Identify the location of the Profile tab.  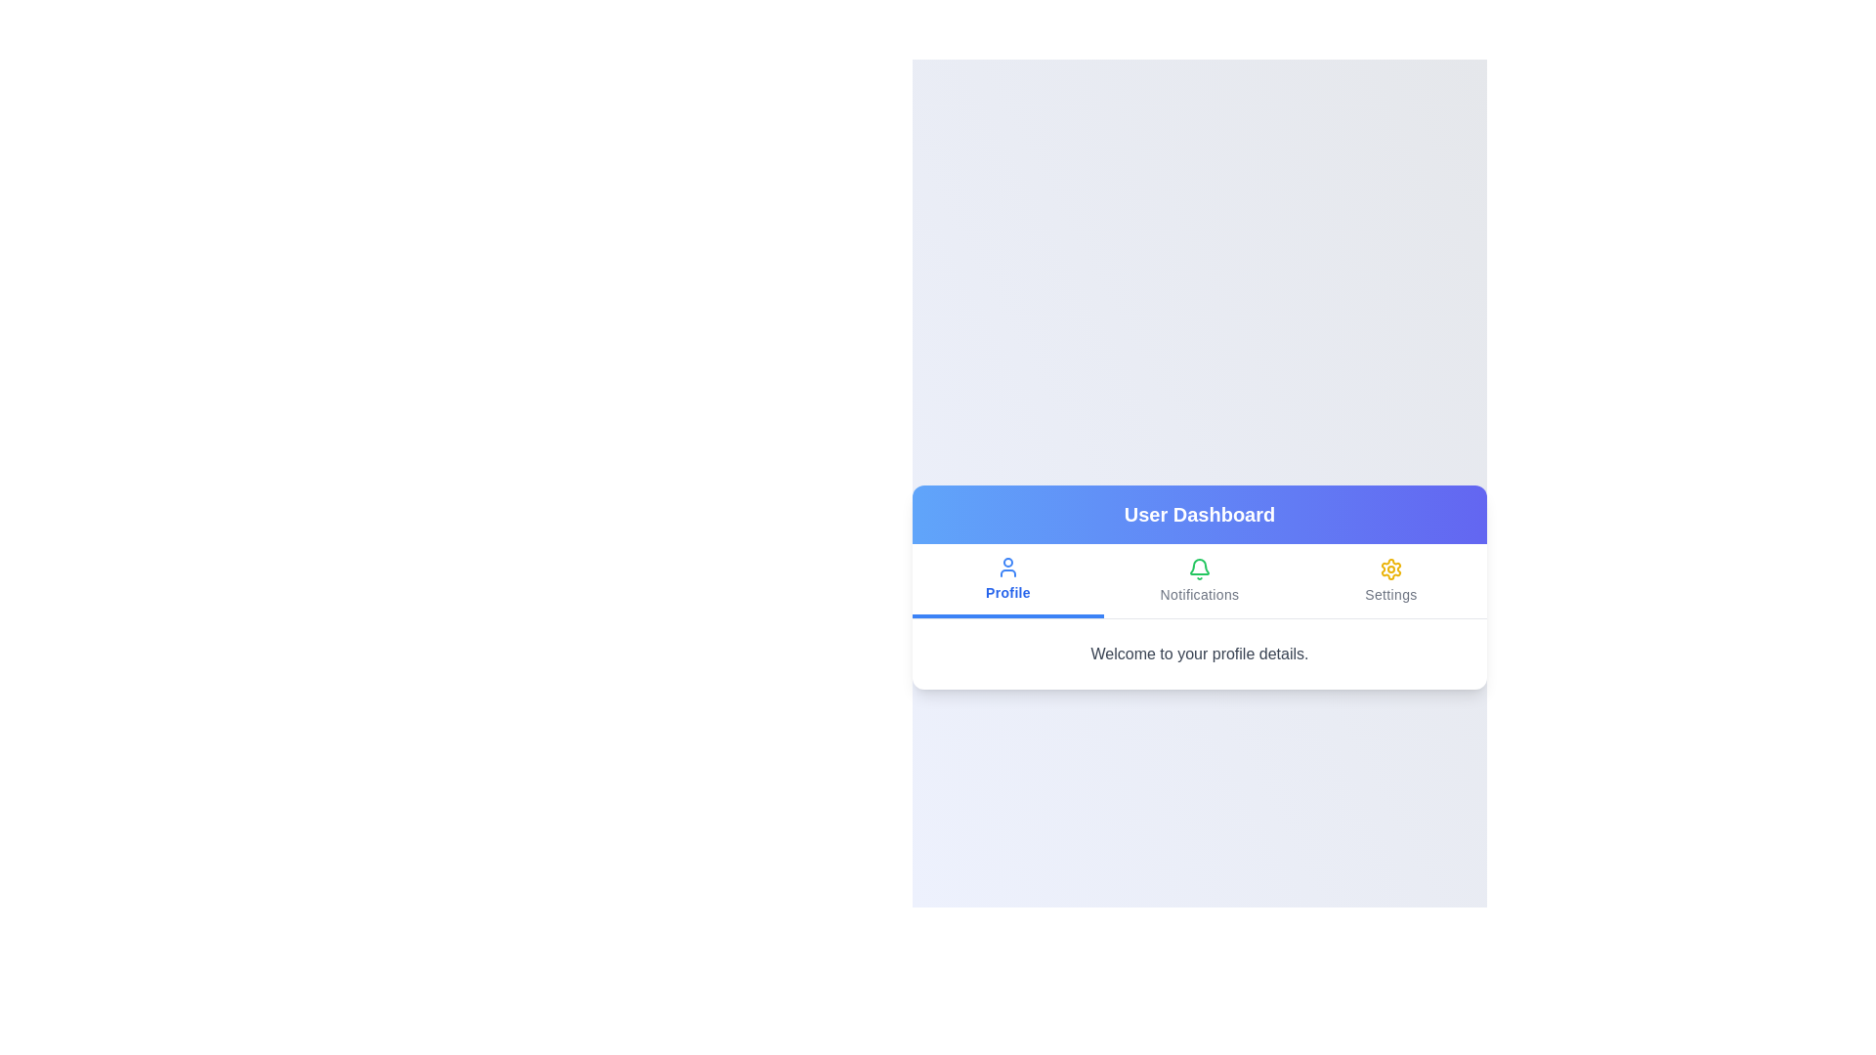
(1008, 579).